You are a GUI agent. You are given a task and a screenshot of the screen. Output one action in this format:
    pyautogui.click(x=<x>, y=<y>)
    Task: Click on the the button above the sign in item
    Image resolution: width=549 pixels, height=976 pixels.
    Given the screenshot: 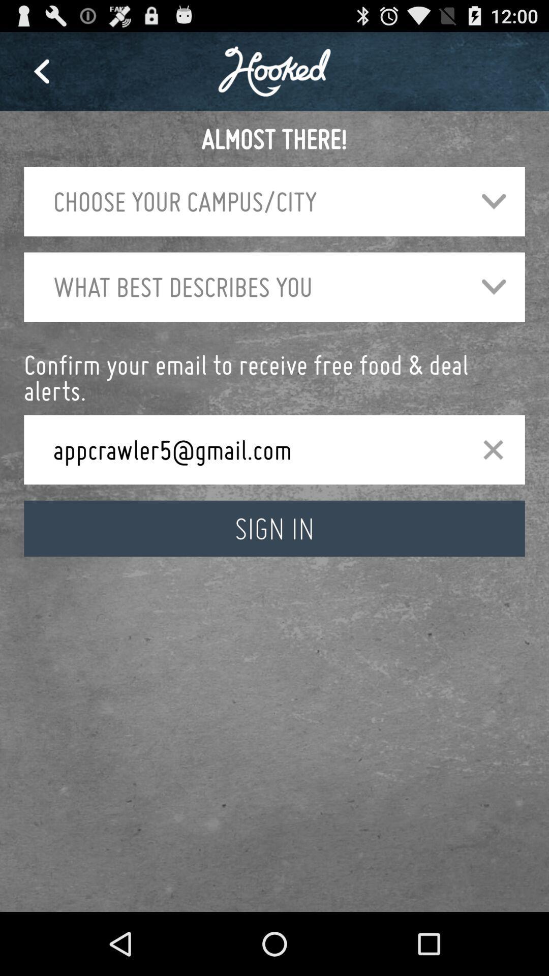 What is the action you would take?
    pyautogui.click(x=493, y=449)
    